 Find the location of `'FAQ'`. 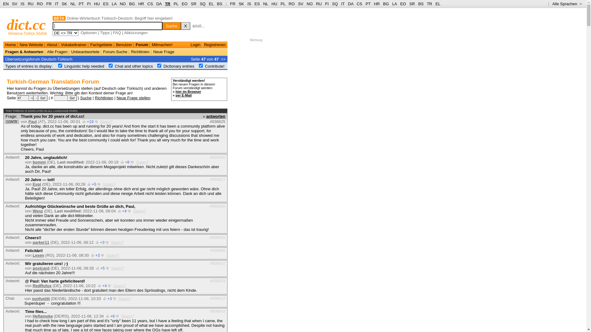

'FAQ' is located at coordinates (117, 33).